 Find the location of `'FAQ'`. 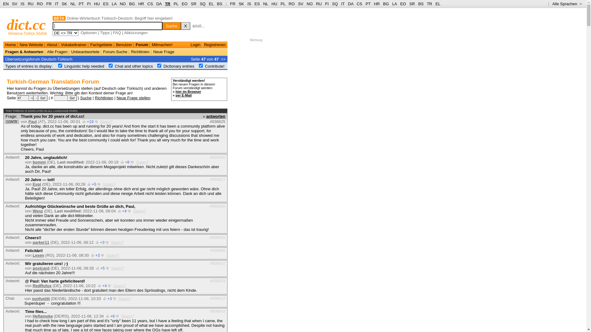

'FAQ' is located at coordinates (117, 33).